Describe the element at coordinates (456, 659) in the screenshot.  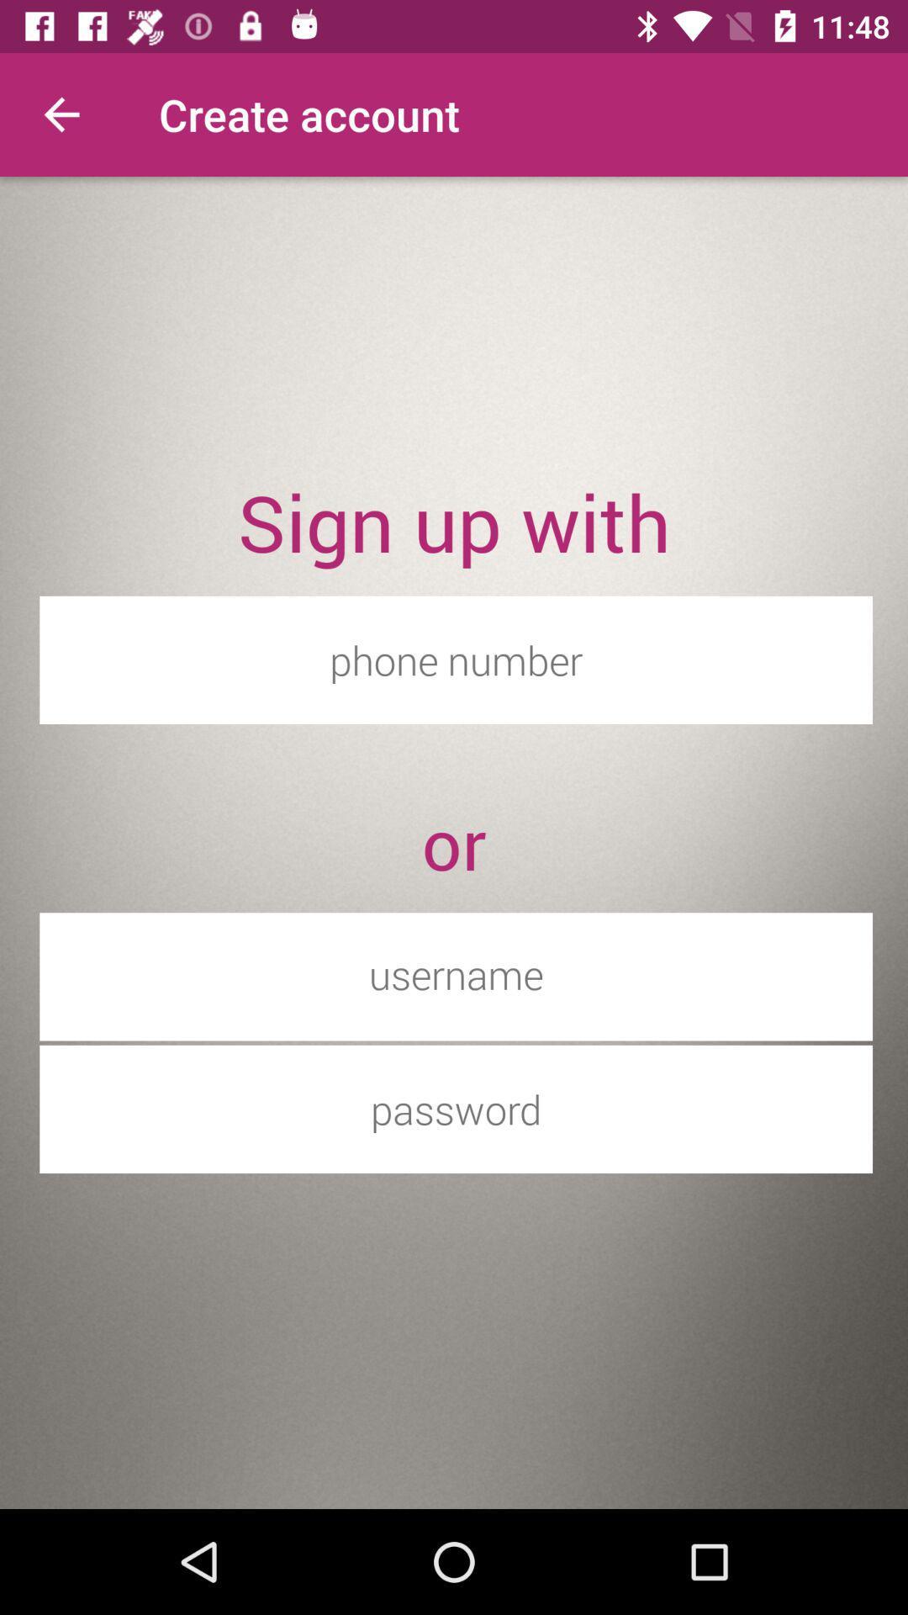
I see `item below sign up with` at that location.